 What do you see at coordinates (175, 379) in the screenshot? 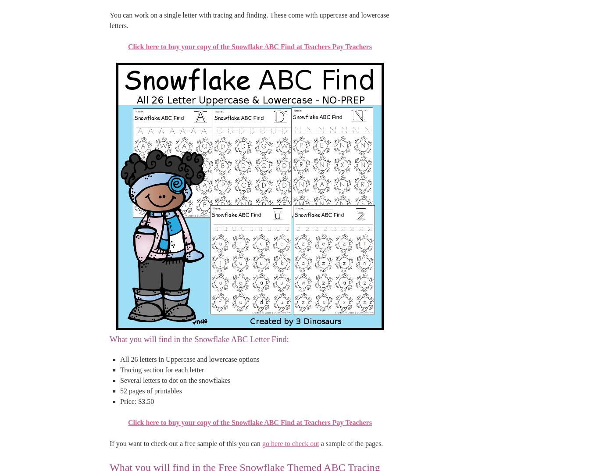
I see `'Several letters to dot on the snowflakes'` at bounding box center [175, 379].